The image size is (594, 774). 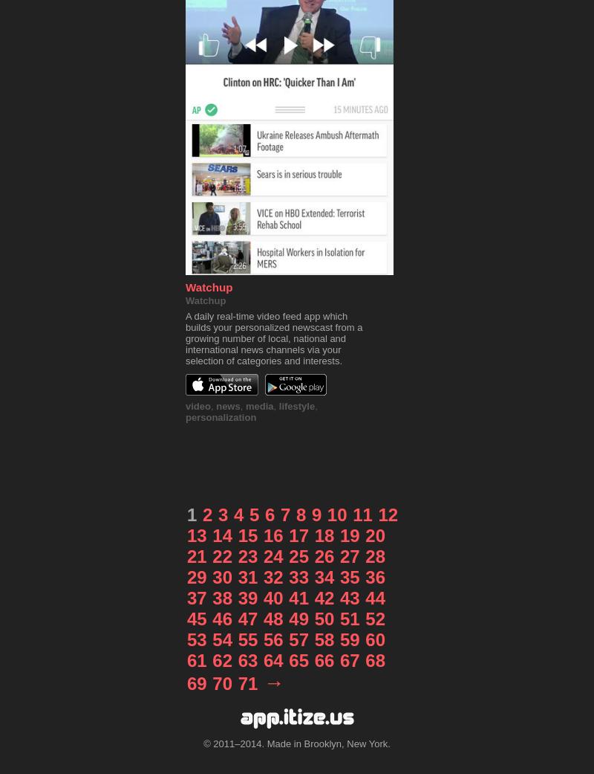 I want to click on '52', so click(x=374, y=619).